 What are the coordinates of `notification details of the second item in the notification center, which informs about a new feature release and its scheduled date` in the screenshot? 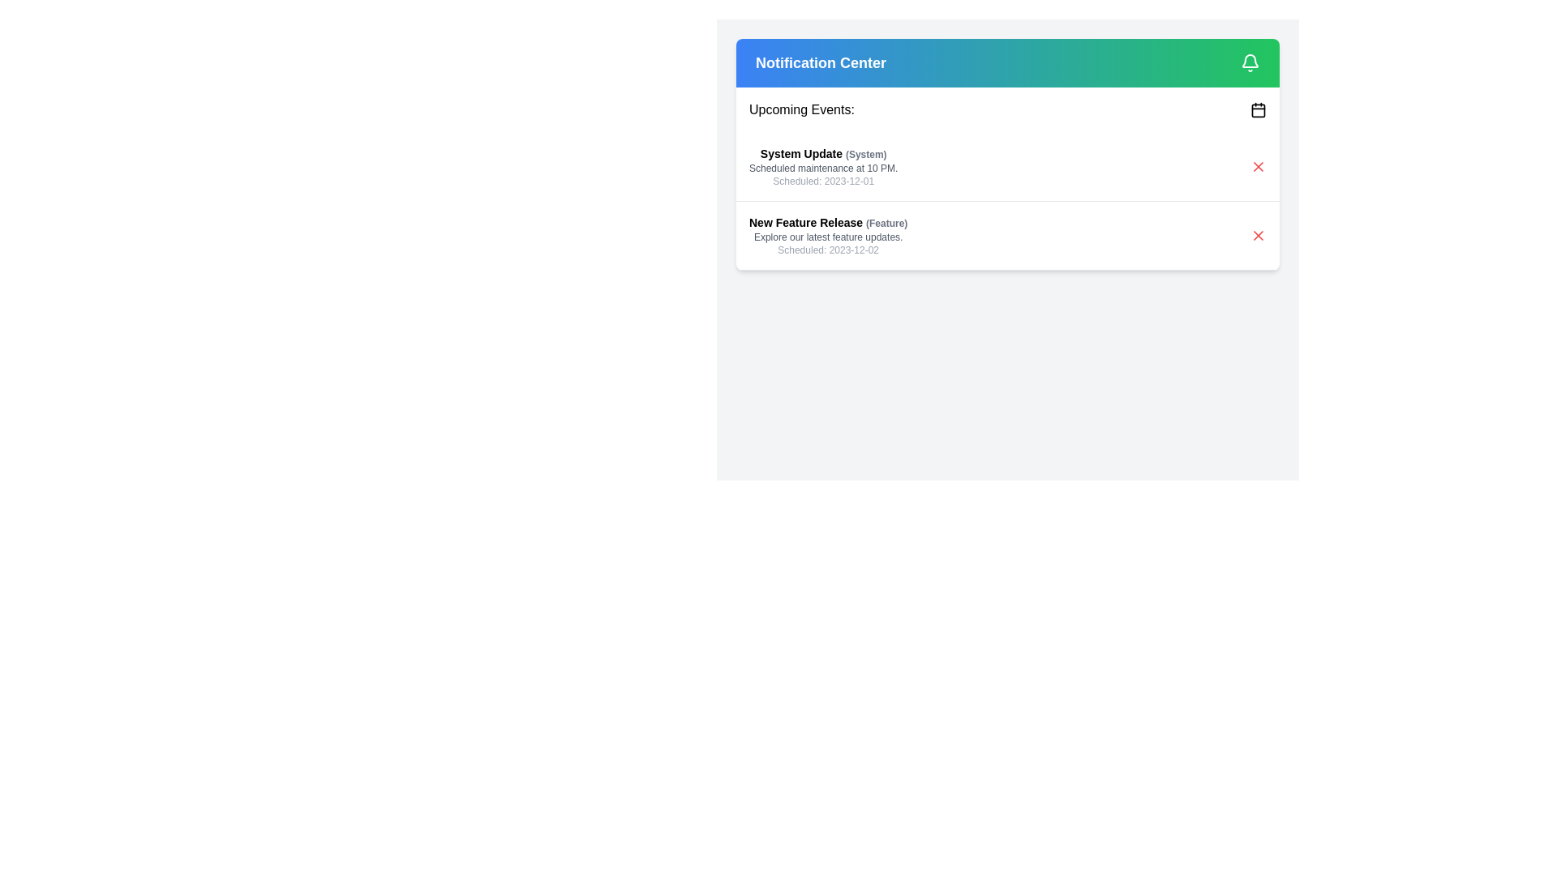 It's located at (1007, 235).